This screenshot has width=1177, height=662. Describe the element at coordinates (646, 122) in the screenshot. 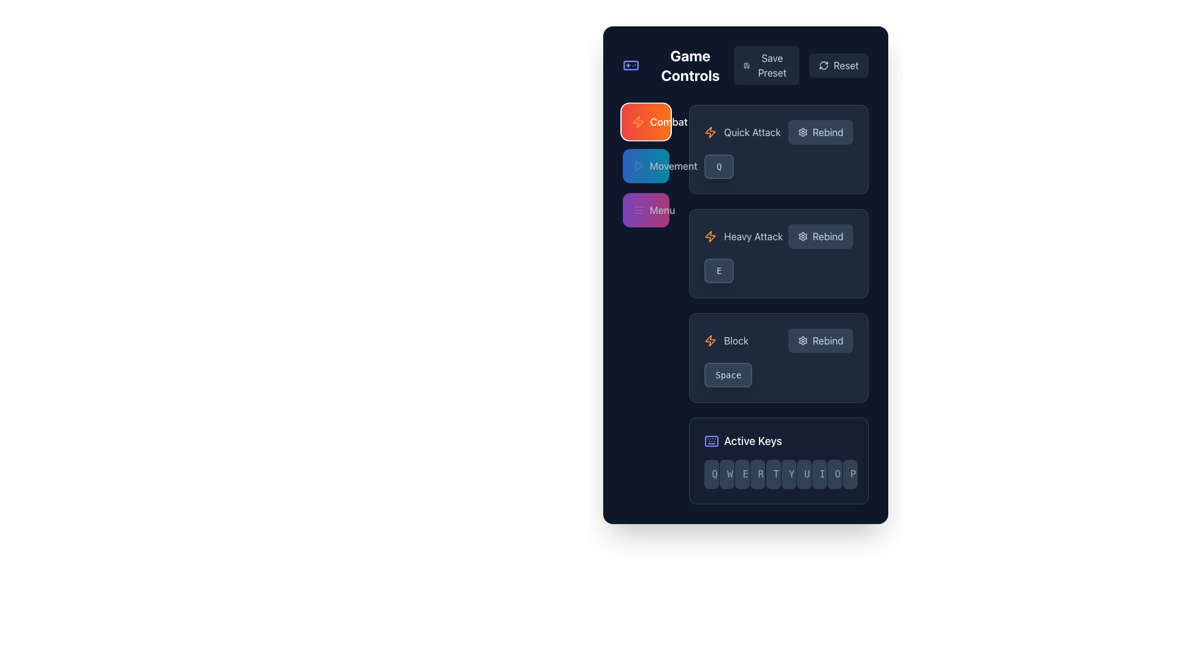

I see `the 'Combat' button, which is a rectangular button with a gradient background from red to orange, featuring a lightning bolt icon and white capitalized text centrally located, positioned under the 'Game Controls' section` at that location.